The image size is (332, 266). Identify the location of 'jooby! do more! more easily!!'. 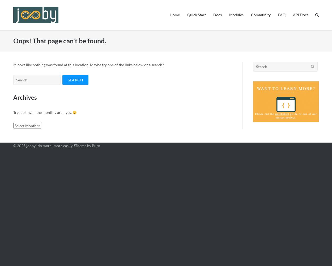
(50, 146).